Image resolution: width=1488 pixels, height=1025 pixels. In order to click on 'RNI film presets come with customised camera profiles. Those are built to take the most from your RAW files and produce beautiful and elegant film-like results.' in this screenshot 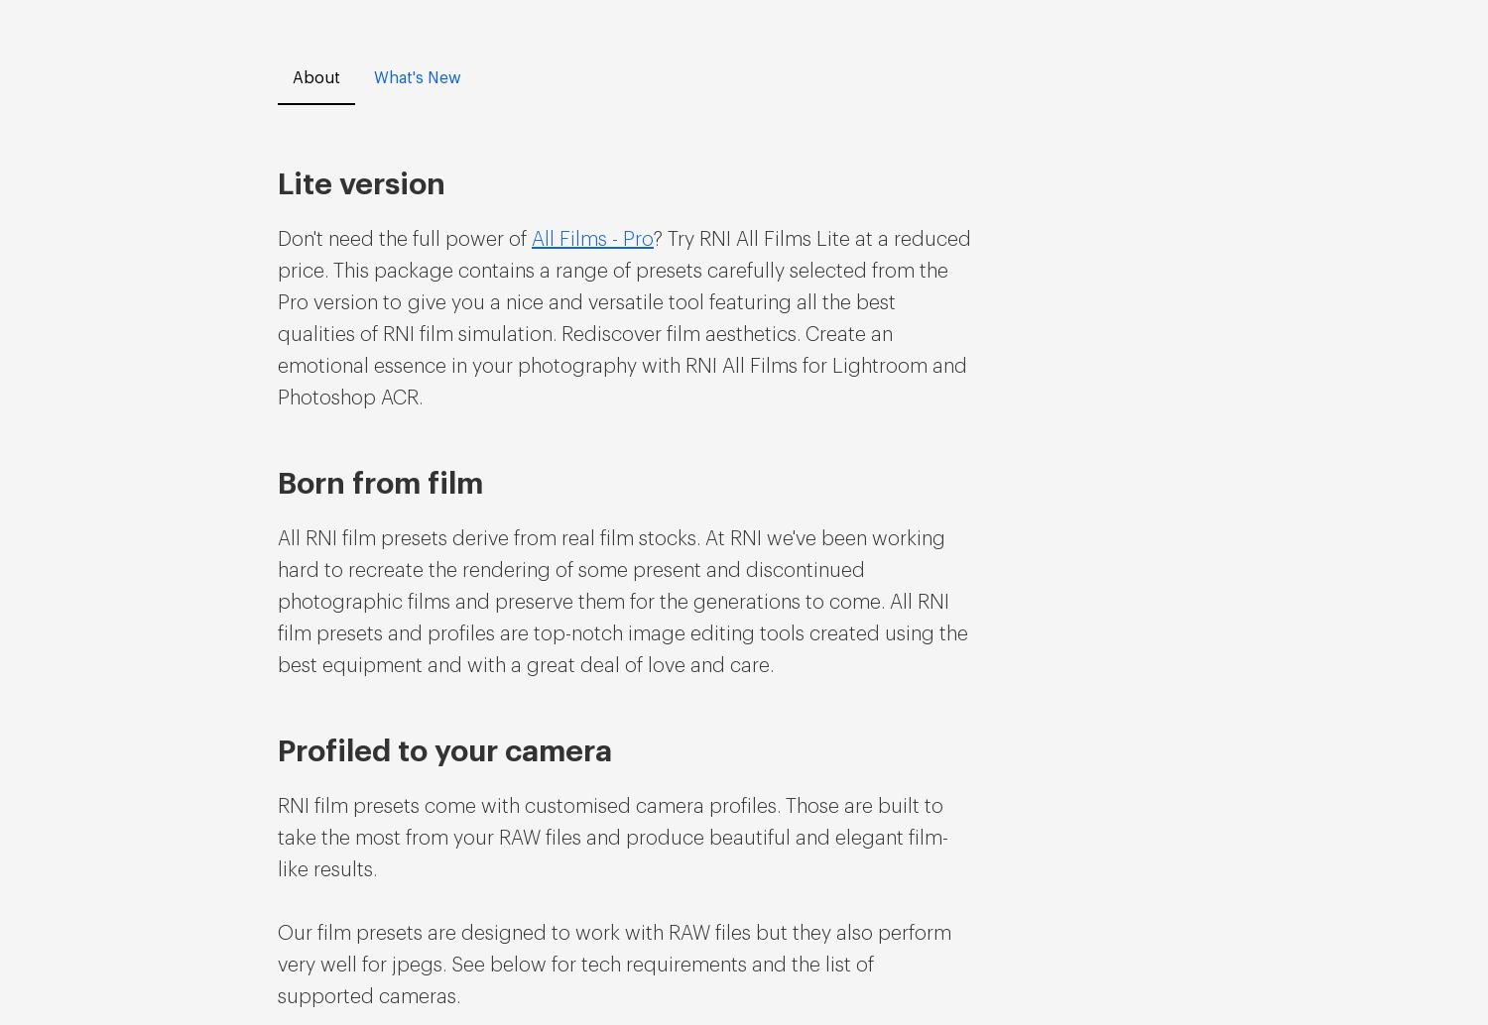, I will do `click(278, 838)`.